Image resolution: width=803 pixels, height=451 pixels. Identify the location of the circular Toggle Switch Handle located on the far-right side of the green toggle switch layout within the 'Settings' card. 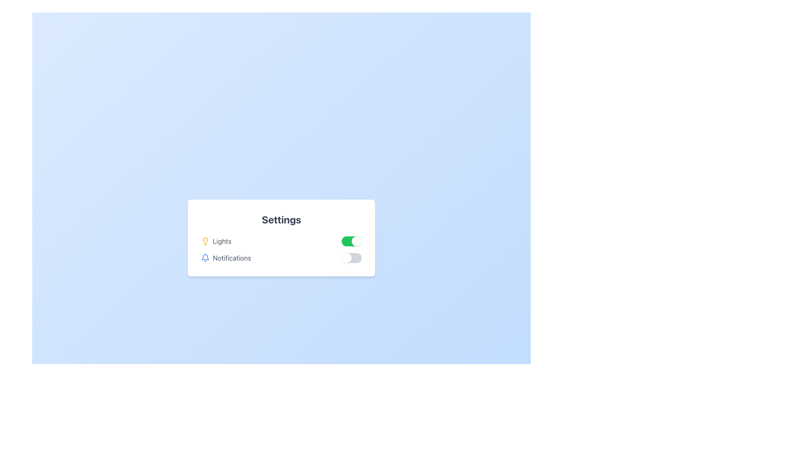
(357, 241).